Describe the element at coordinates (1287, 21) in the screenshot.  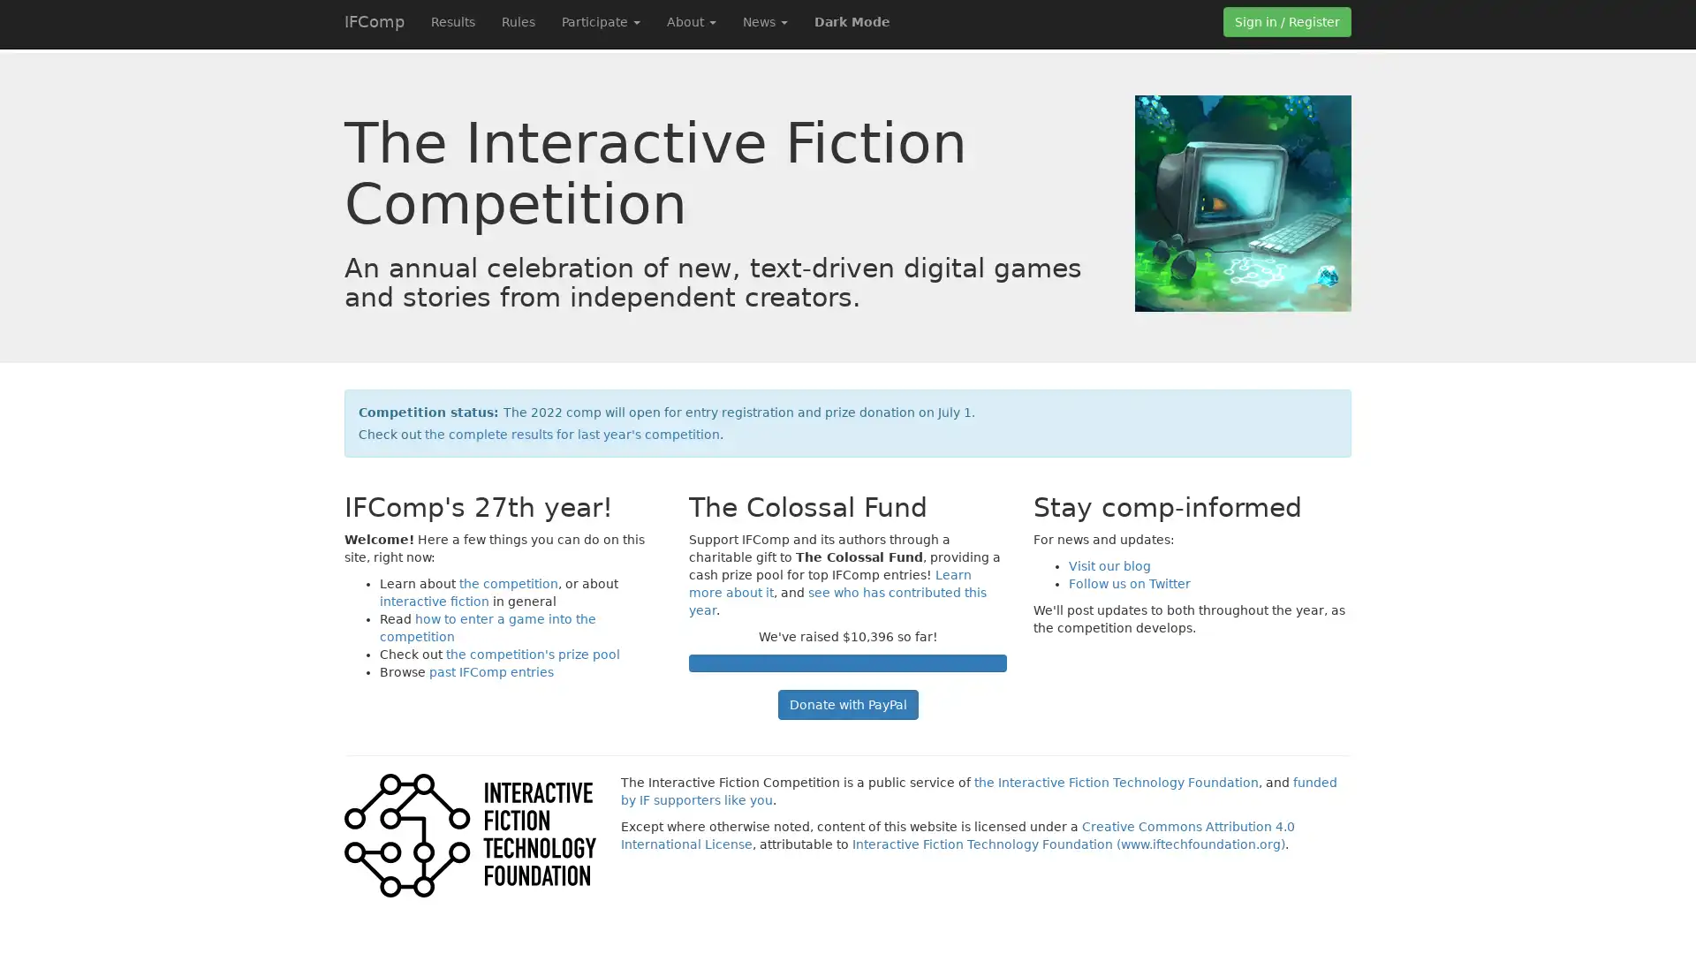
I see `Sign in / Register` at that location.